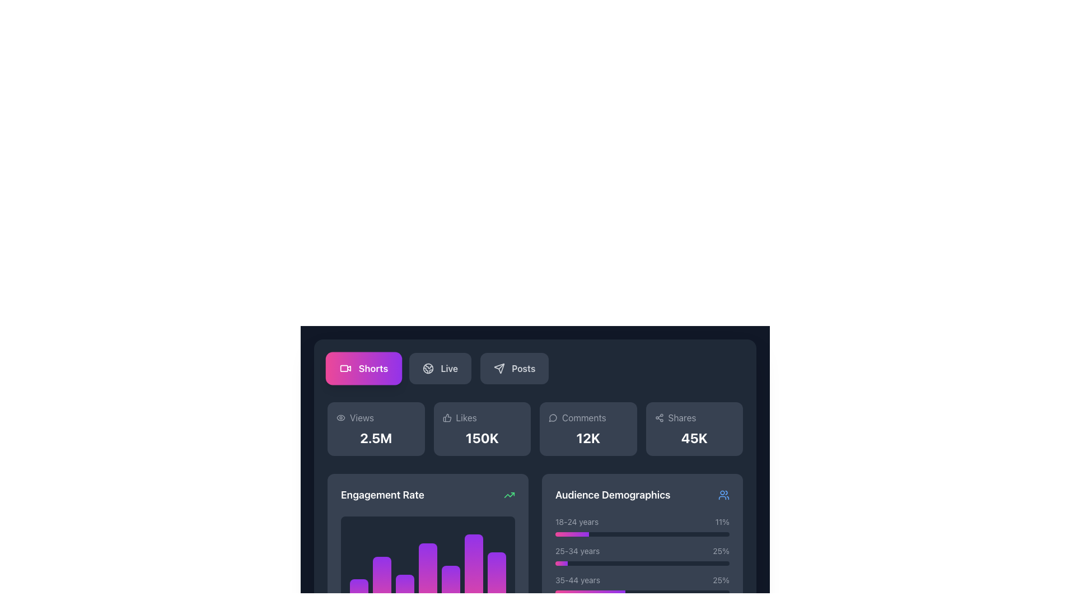 This screenshot has height=605, width=1075. I want to click on the progress bar that visually represents the percentage value for the '35-44 years' demographic group, located beneath the '35-44 years' label in the 'Audience Demographics' section, so click(642, 592).